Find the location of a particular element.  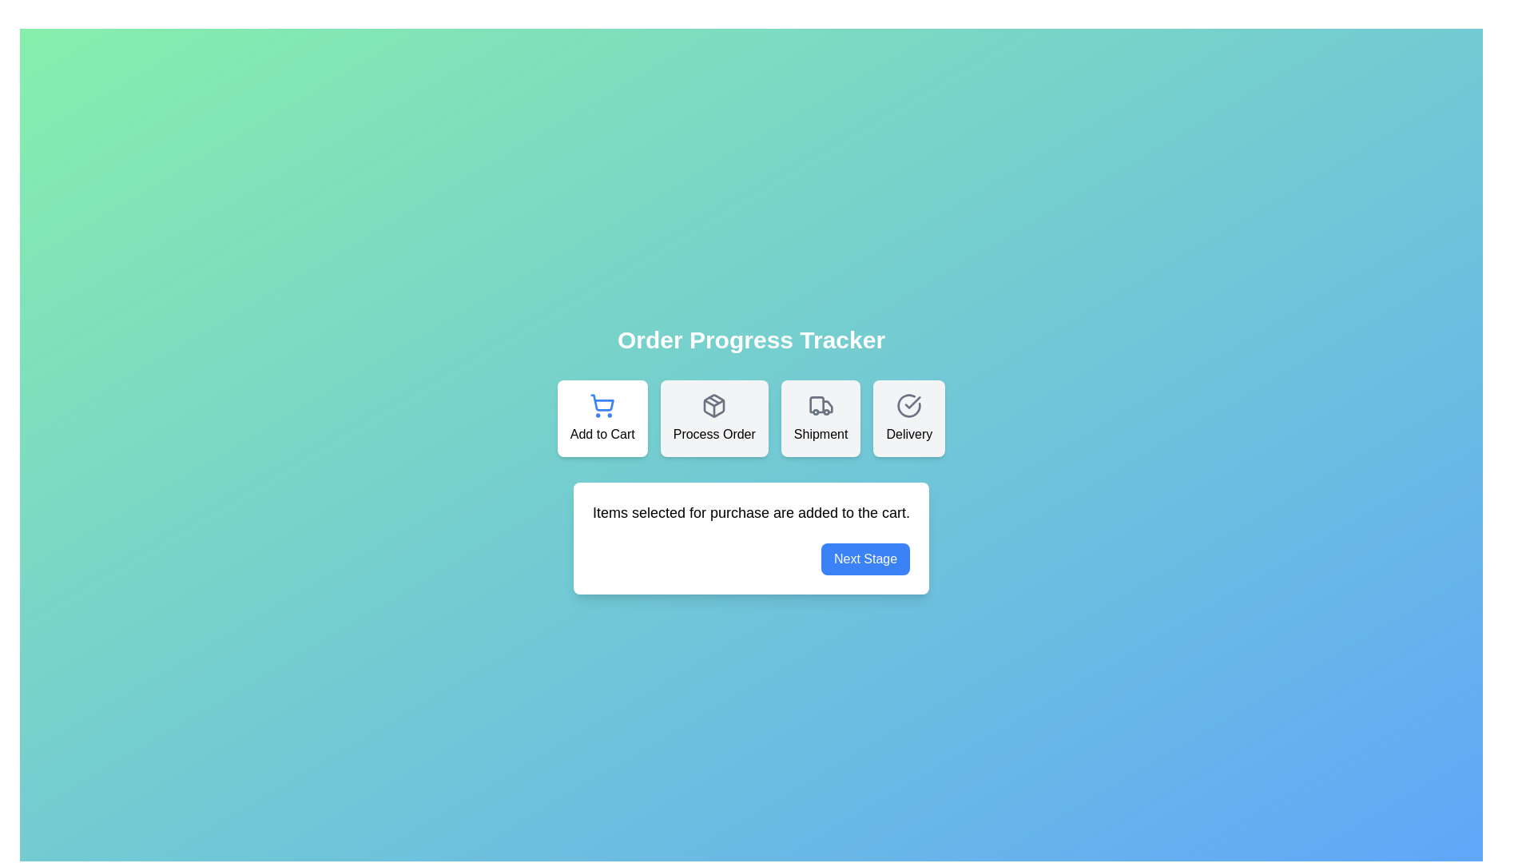

the stage icon representing Process Order to select it is located at coordinates (713, 418).